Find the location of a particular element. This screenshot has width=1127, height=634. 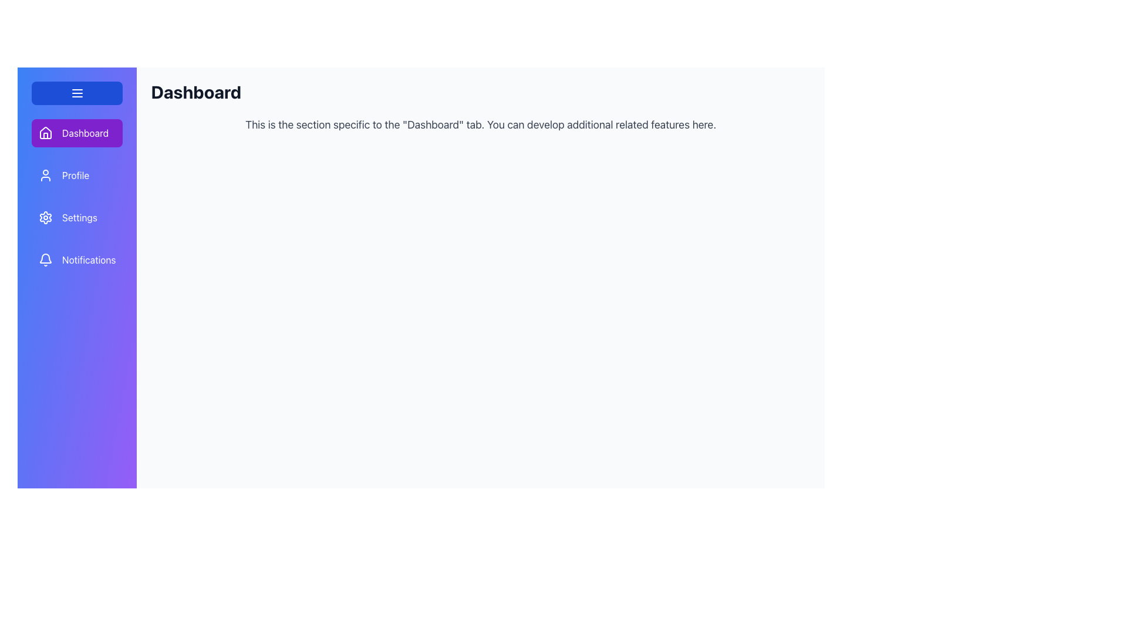

the settings icon in the vertical navigation bar is located at coordinates (45, 217).